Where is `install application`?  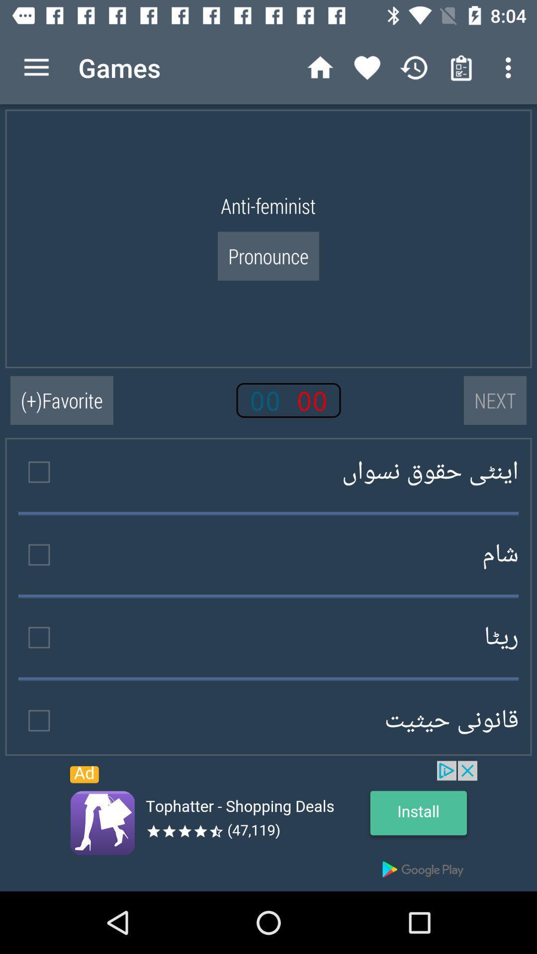
install application is located at coordinates (268, 826).